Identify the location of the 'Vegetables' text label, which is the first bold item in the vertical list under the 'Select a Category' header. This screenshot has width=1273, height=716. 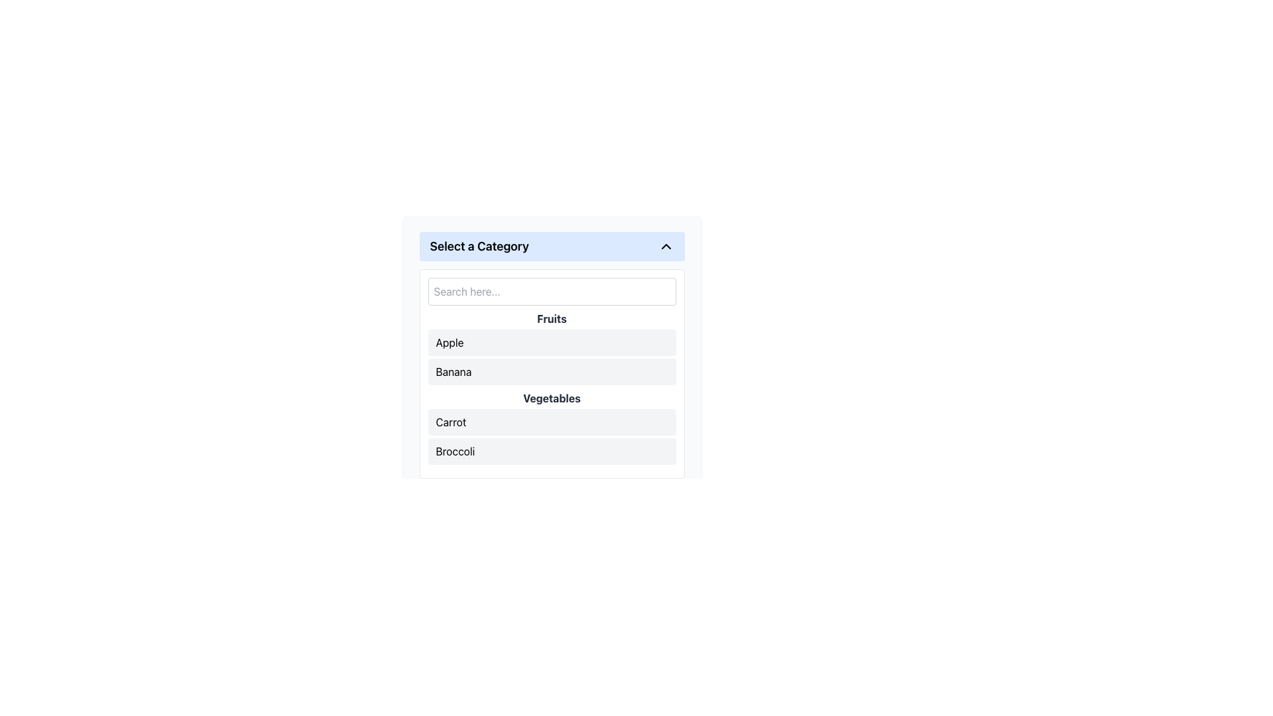
(552, 398).